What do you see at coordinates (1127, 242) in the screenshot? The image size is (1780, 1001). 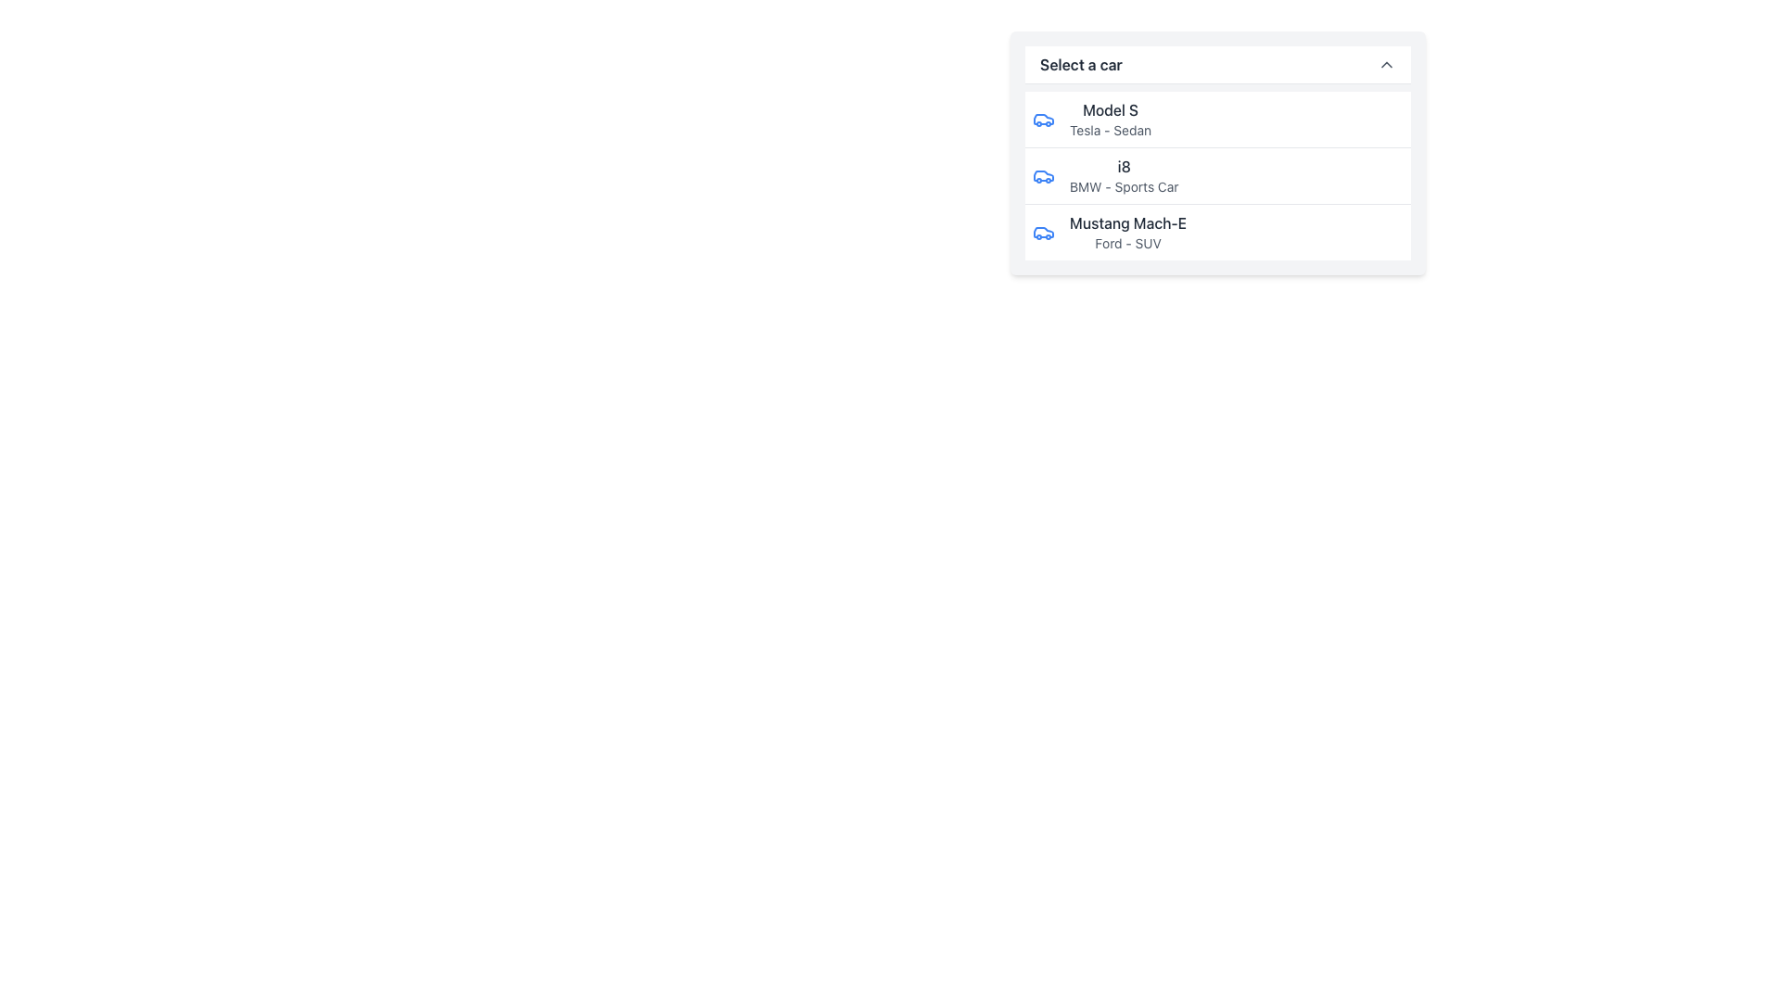 I see `the text label providing information about the car model 'Mustang Mach-E', which specifies the manufacturer and type of car ('Ford - SUV'), located immediately below the 'Mustang Mach-E' option in the dropdown menu` at bounding box center [1127, 242].